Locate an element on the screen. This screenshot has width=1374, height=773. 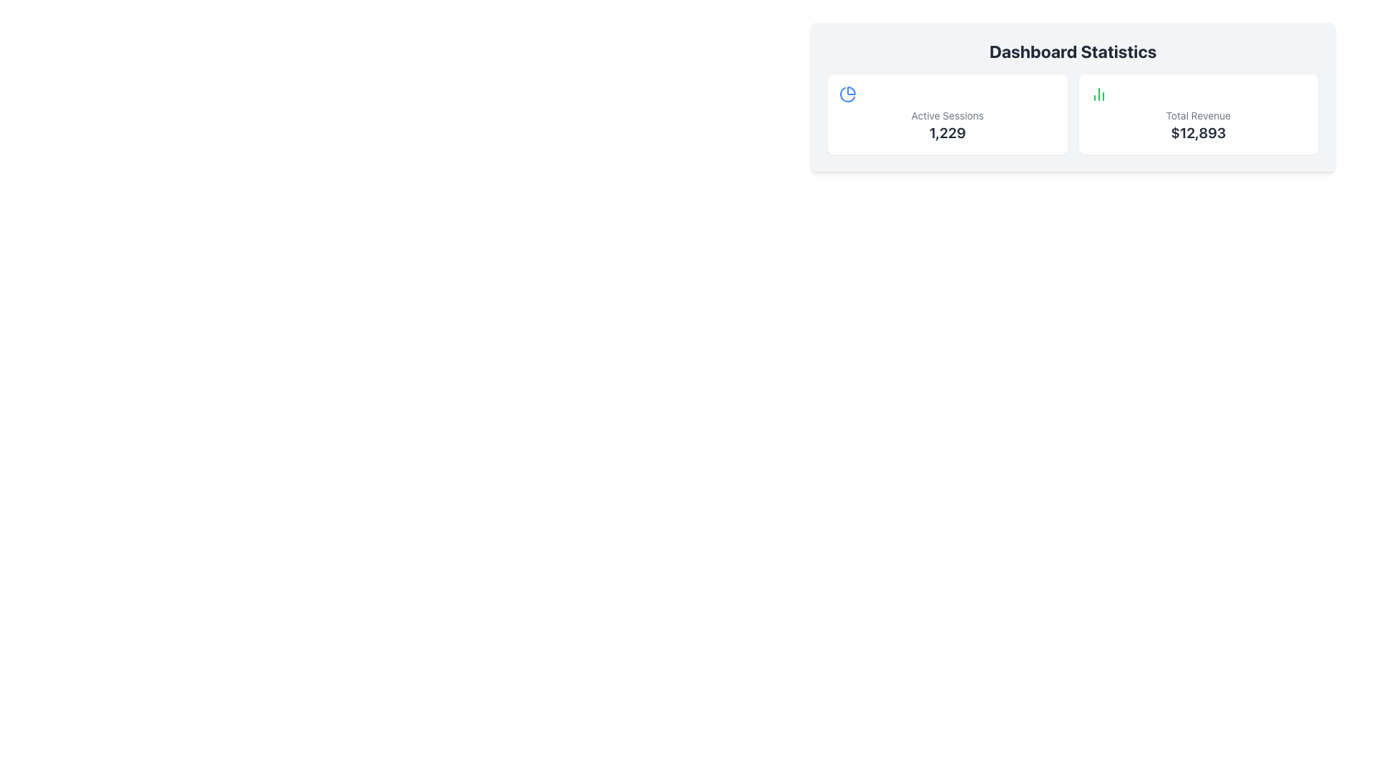
one of the panels in the summary widget of the Dashboard Statistics, which displays key performance indicators such as Active Sessions and Total Revenue is located at coordinates (1073, 113).